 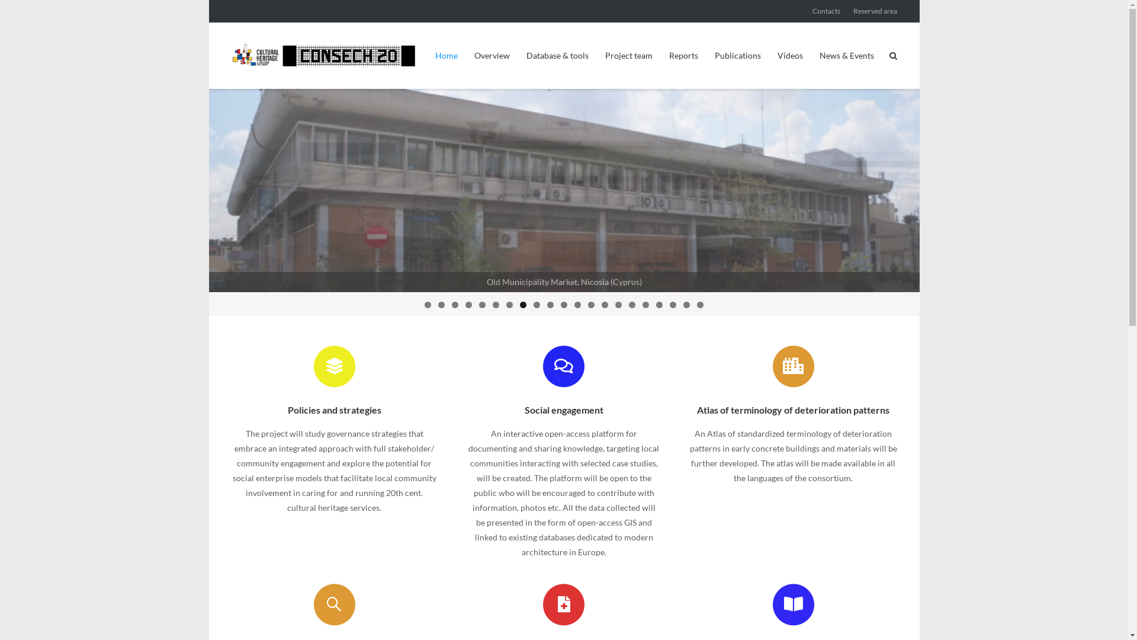 I want to click on '13', so click(x=591, y=304).